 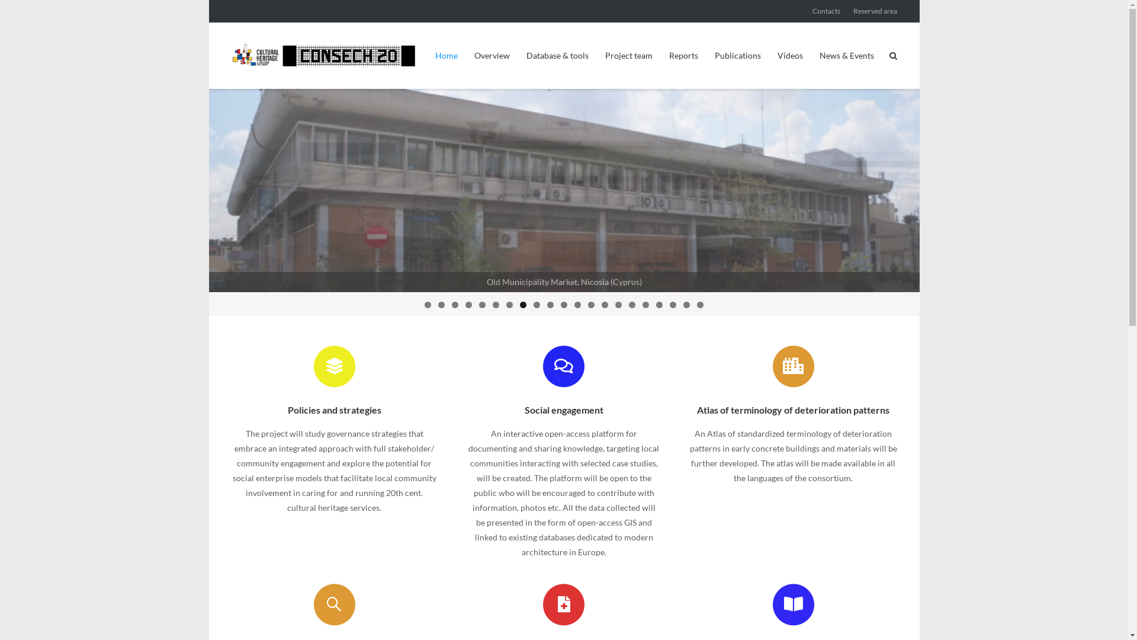 I want to click on '13', so click(x=591, y=304).